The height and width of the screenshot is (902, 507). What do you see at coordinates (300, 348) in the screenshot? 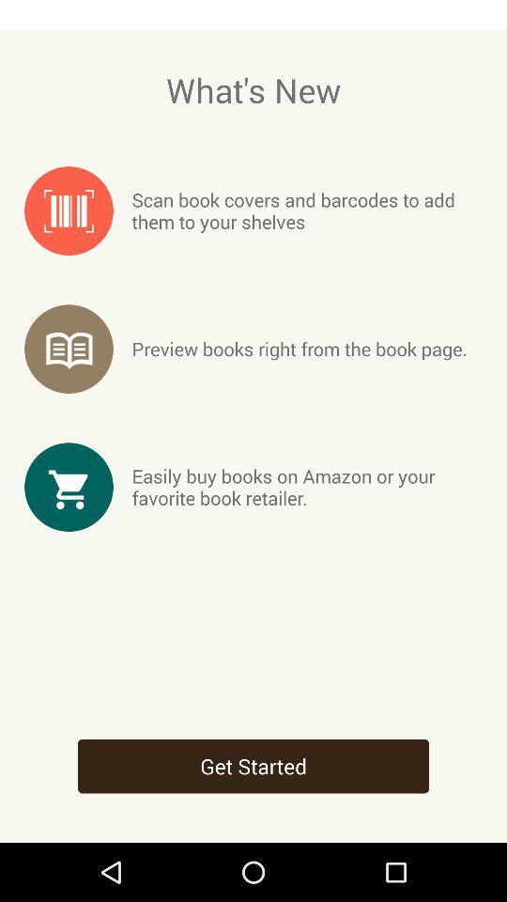
I see `the preview books right` at bounding box center [300, 348].